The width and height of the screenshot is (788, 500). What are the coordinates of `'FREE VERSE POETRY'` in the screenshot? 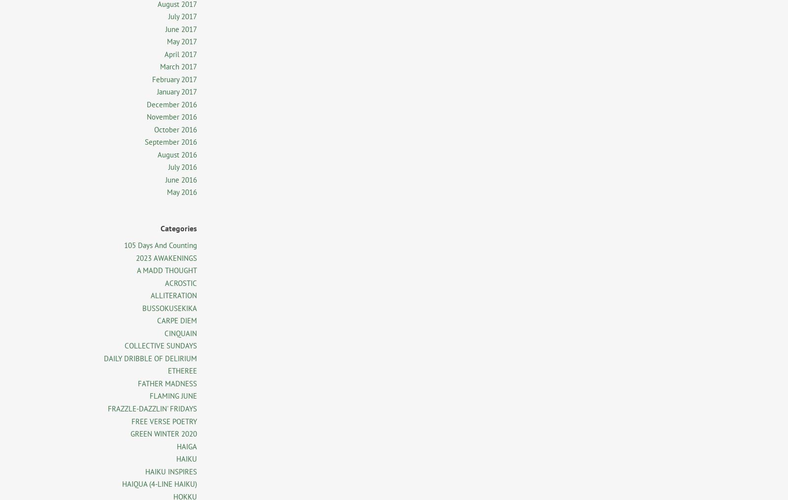 It's located at (164, 421).